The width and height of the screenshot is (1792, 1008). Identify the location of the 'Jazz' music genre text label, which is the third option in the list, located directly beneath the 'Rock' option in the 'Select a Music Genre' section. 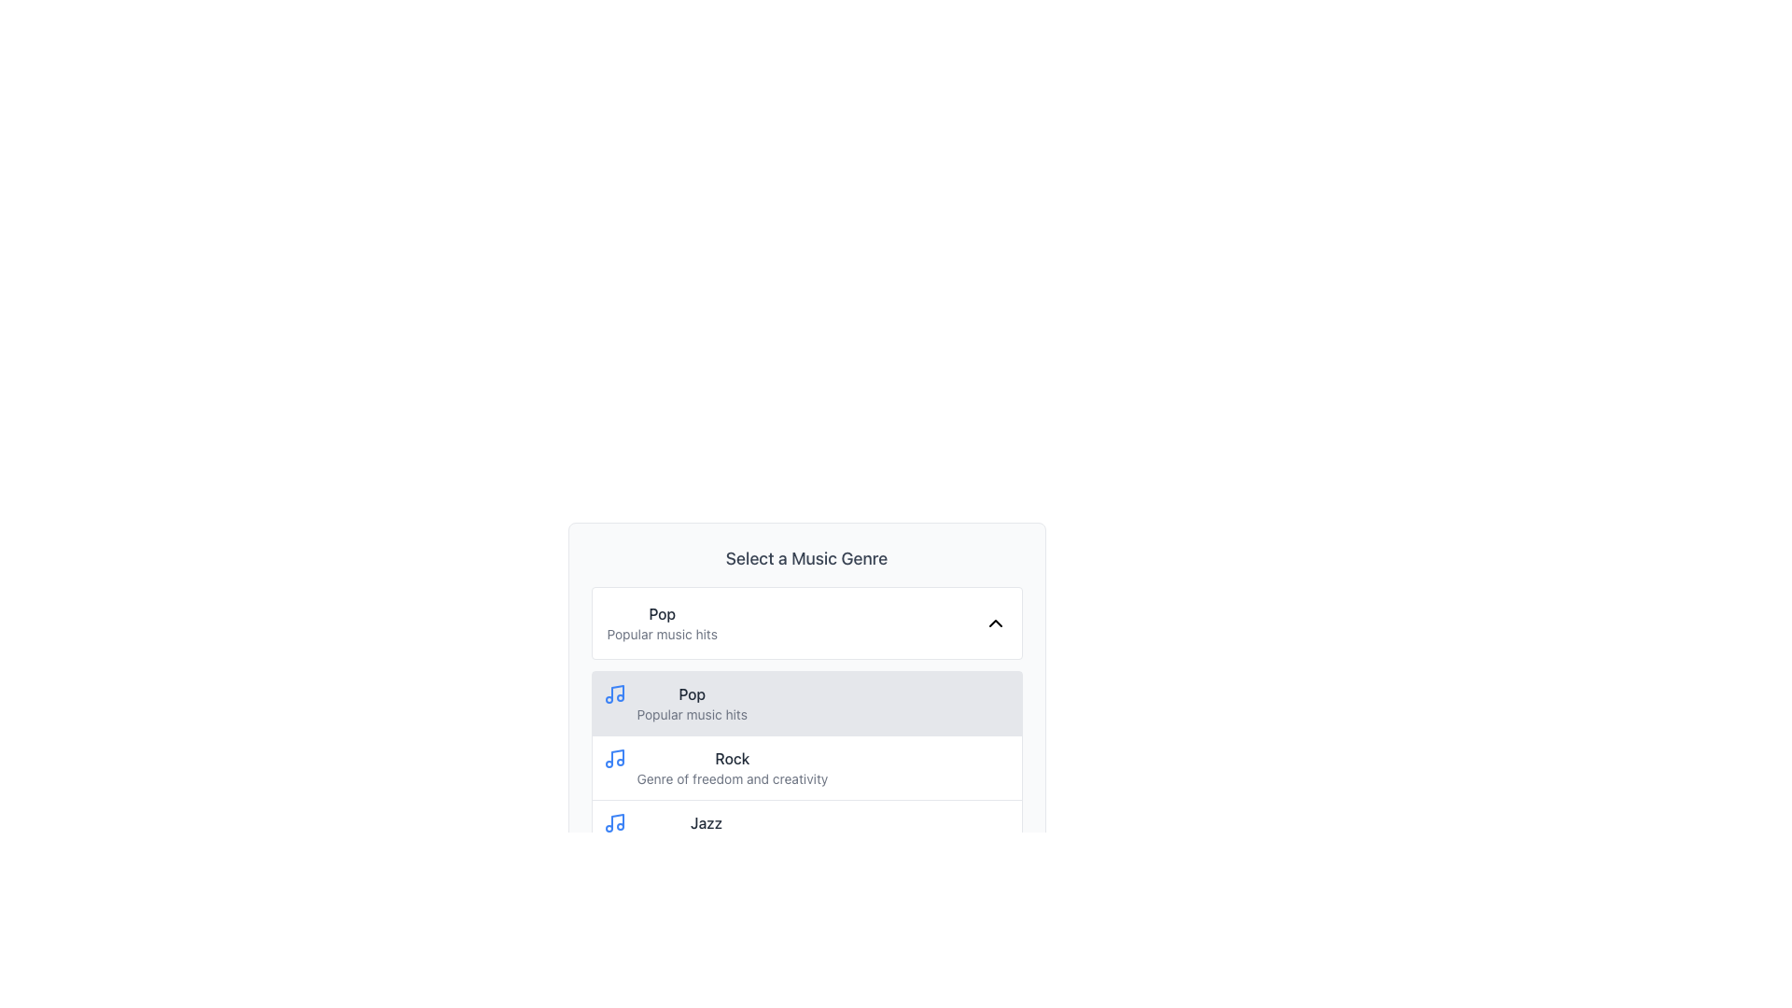
(706, 831).